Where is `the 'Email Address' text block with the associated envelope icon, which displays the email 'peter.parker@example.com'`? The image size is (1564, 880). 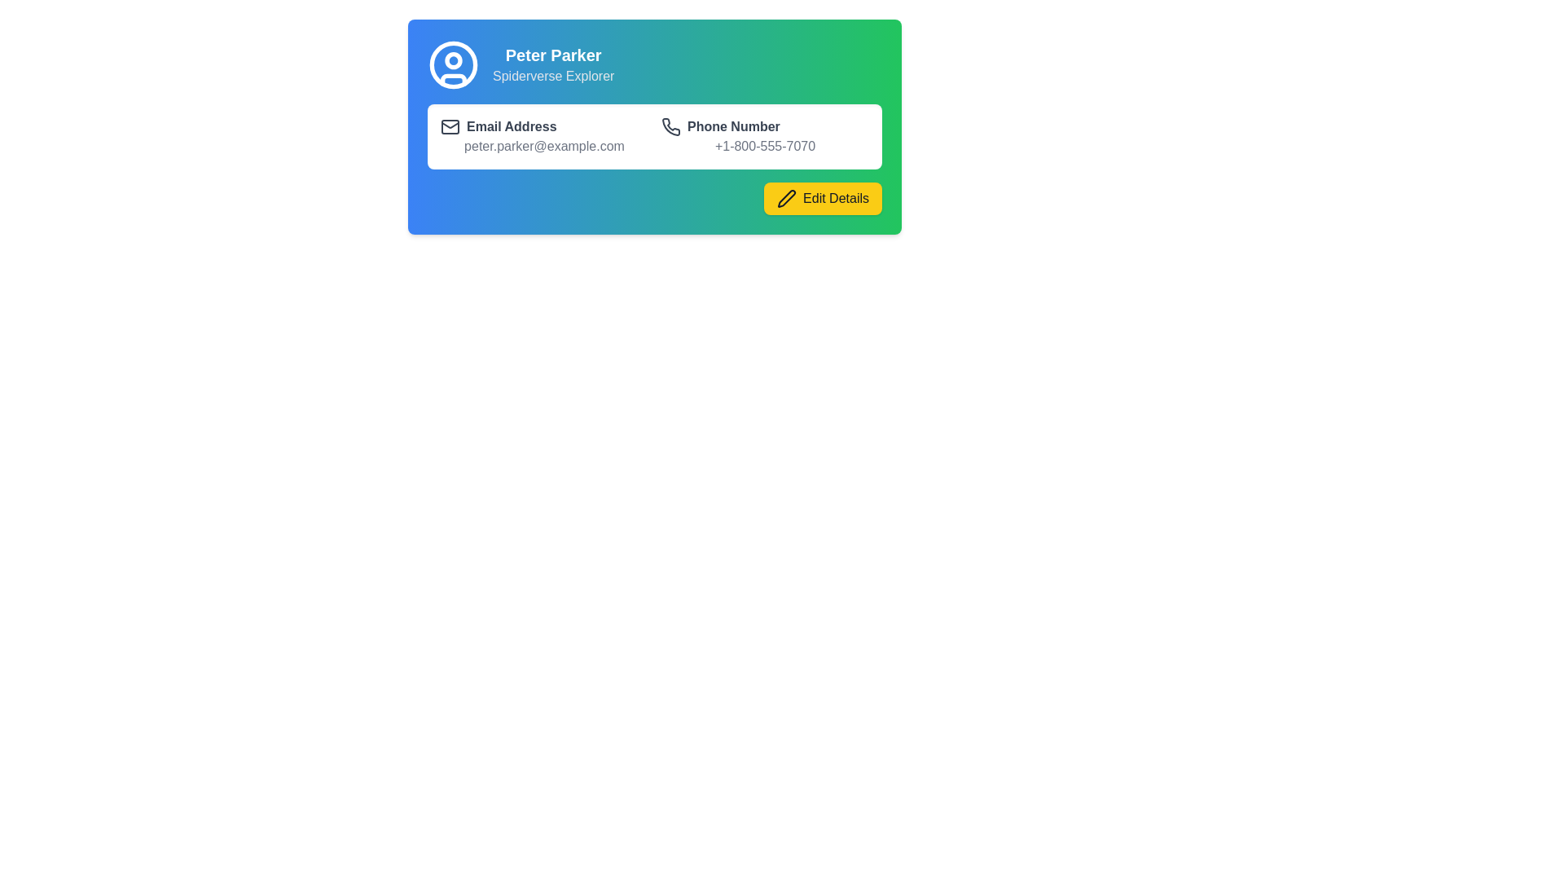 the 'Email Address' text block with the associated envelope icon, which displays the email 'peter.parker@example.com' is located at coordinates (544, 136).